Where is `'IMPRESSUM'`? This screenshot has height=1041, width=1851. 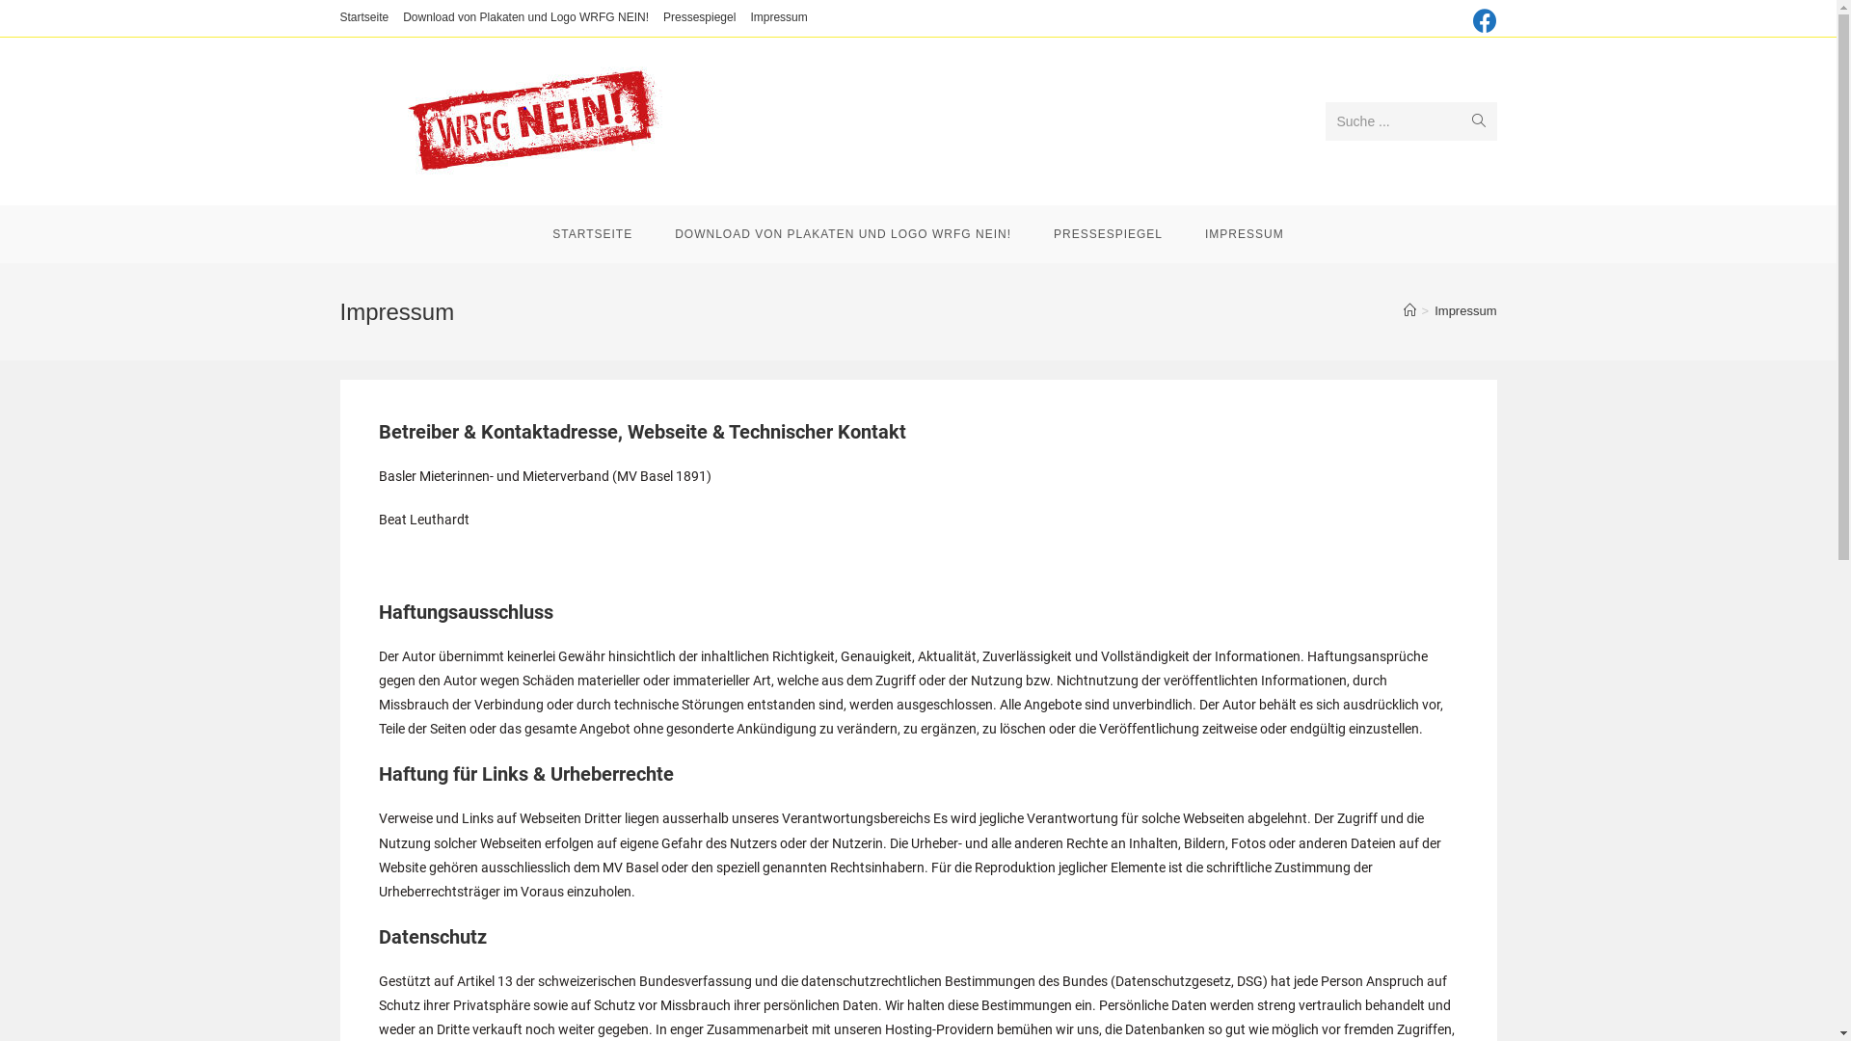 'IMPRESSUM' is located at coordinates (1245, 233).